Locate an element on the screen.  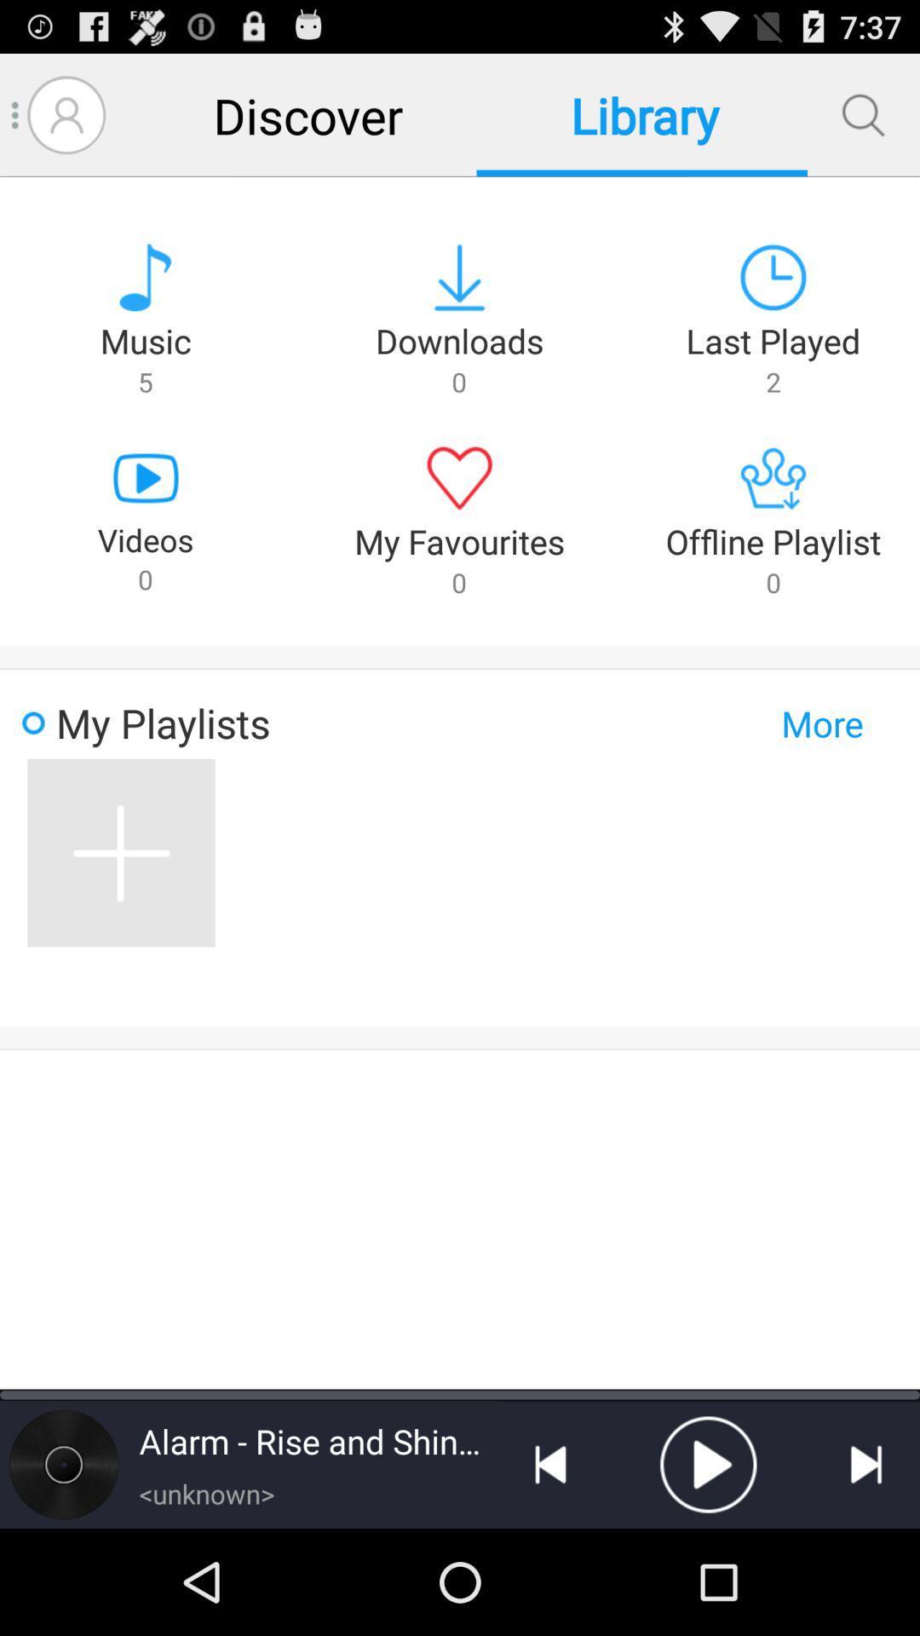
the menu icon is located at coordinates (15, 122).